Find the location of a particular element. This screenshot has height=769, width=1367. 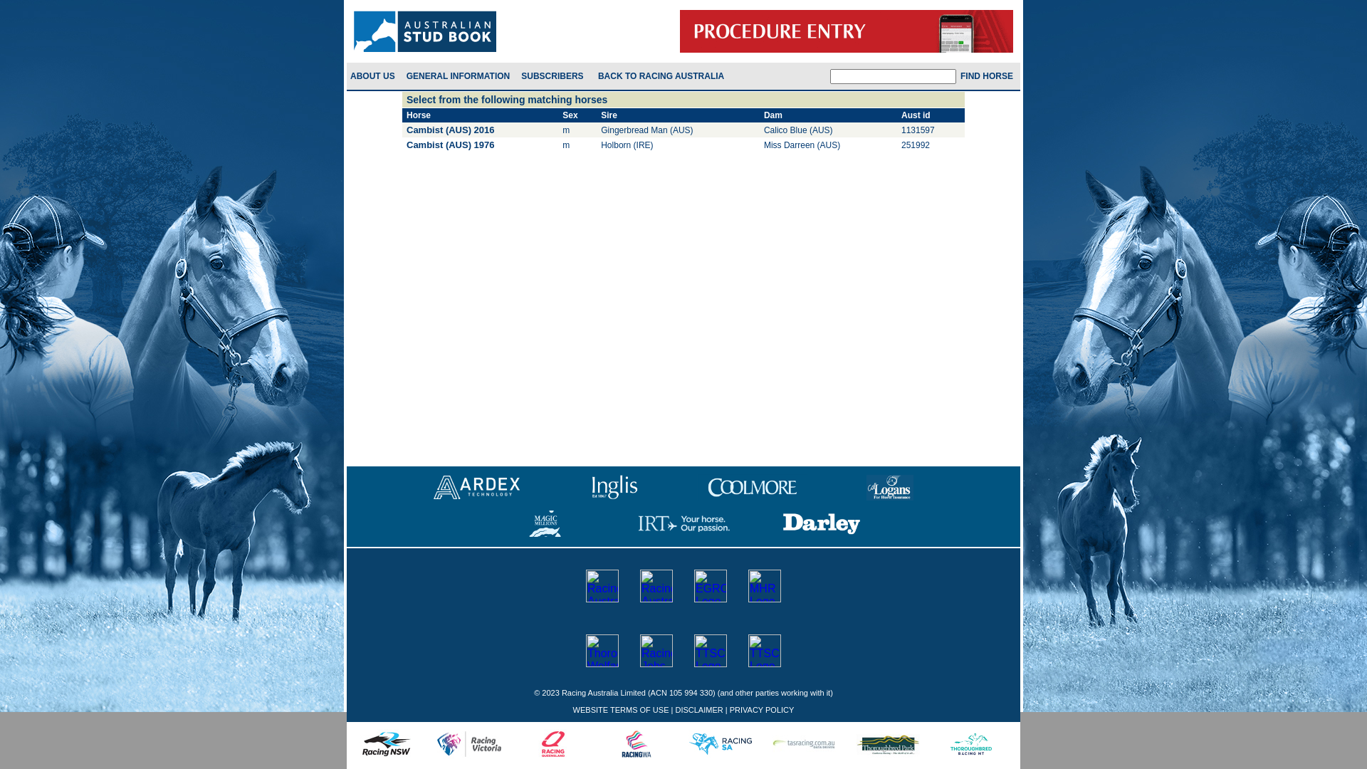

'Enter horse name, Aust. Id. or microchip number for horse' is located at coordinates (892, 75).